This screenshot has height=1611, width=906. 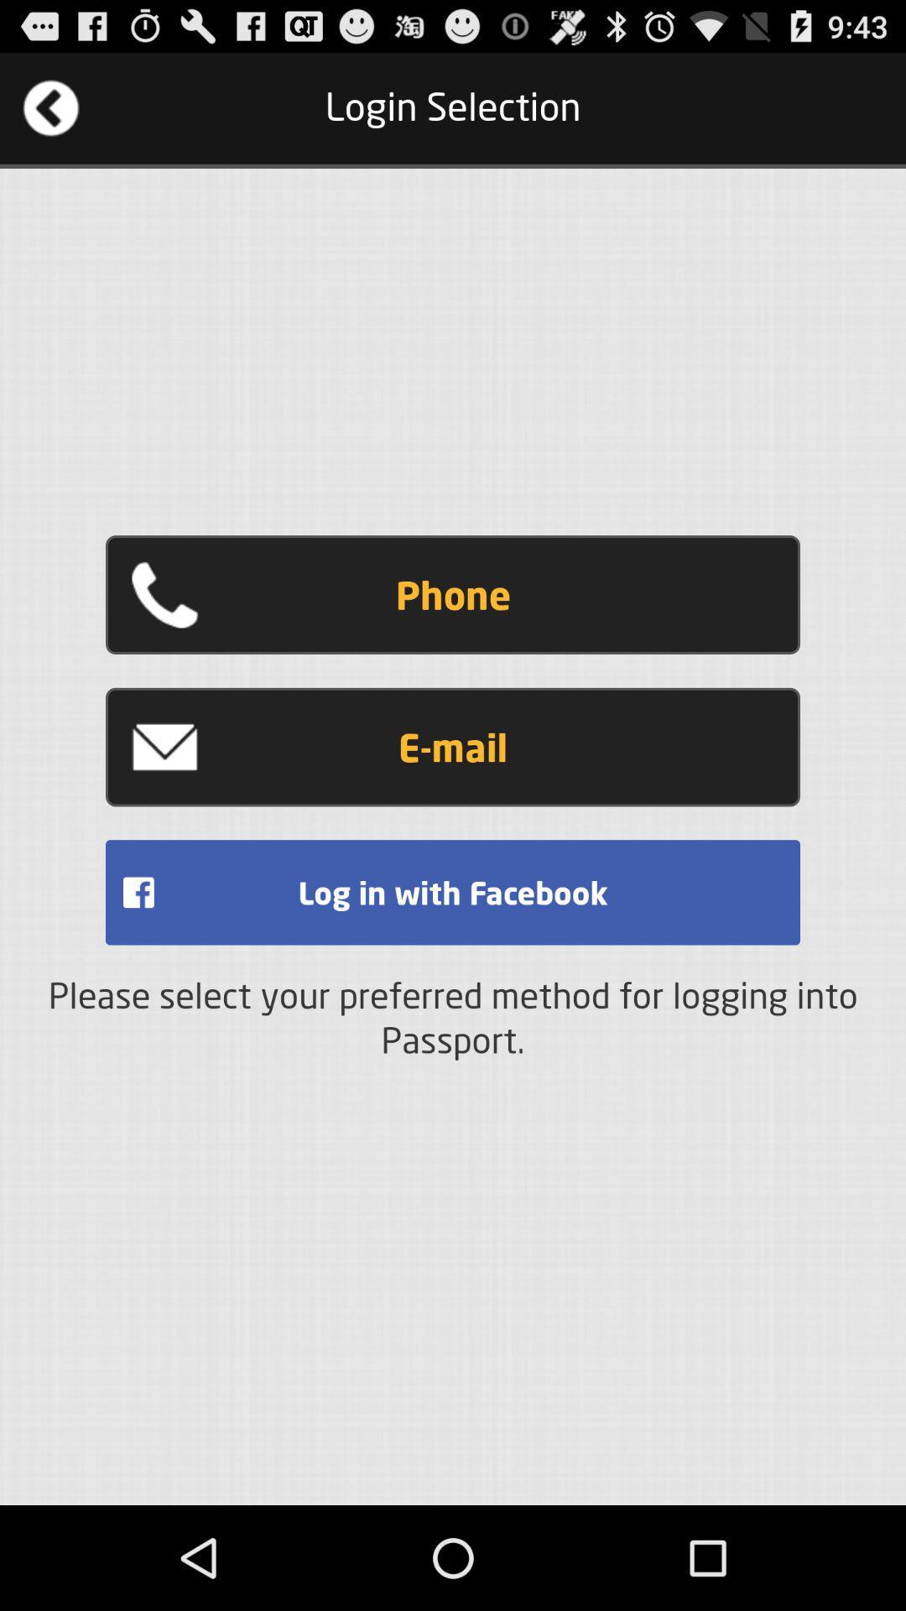 I want to click on button above e-mail icon, so click(x=453, y=595).